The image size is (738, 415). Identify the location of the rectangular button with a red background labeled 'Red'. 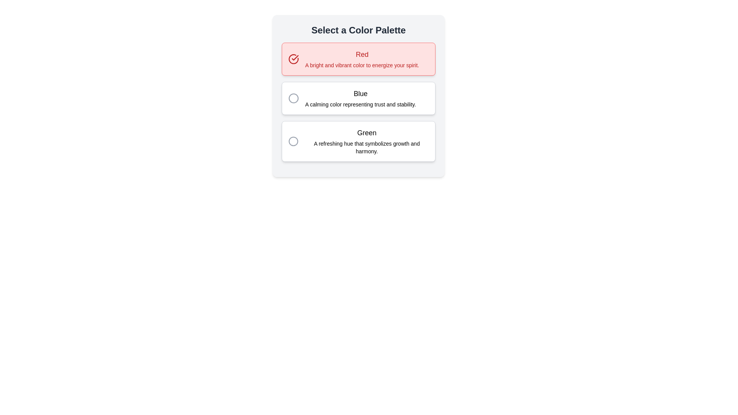
(358, 59).